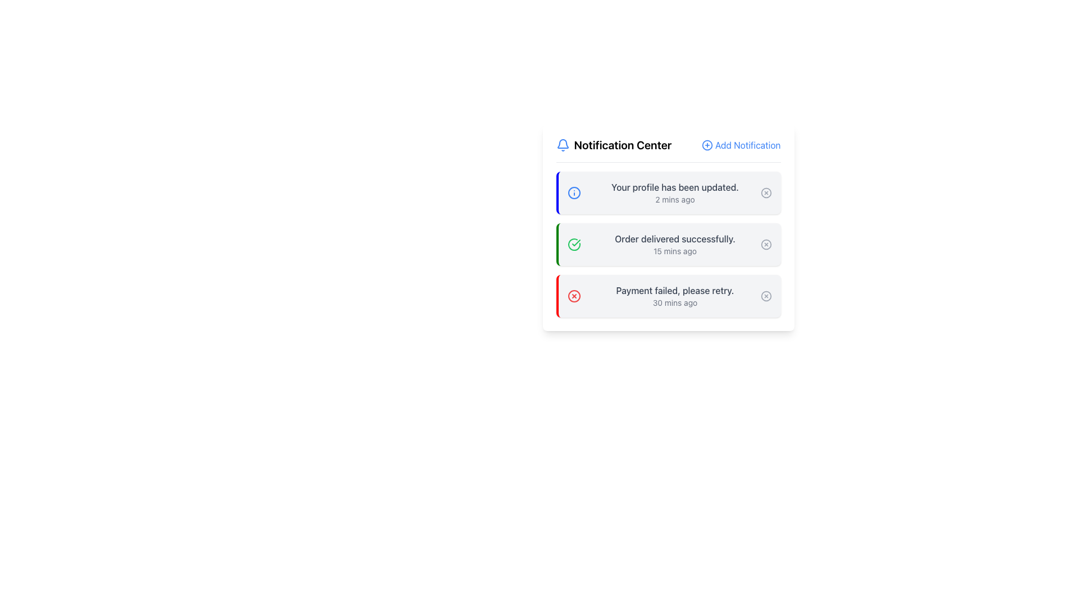  I want to click on the text label displaying 'Payment failed, please retry.' located in the bottom notification box above the timestamp '30 mins ago', so click(674, 290).